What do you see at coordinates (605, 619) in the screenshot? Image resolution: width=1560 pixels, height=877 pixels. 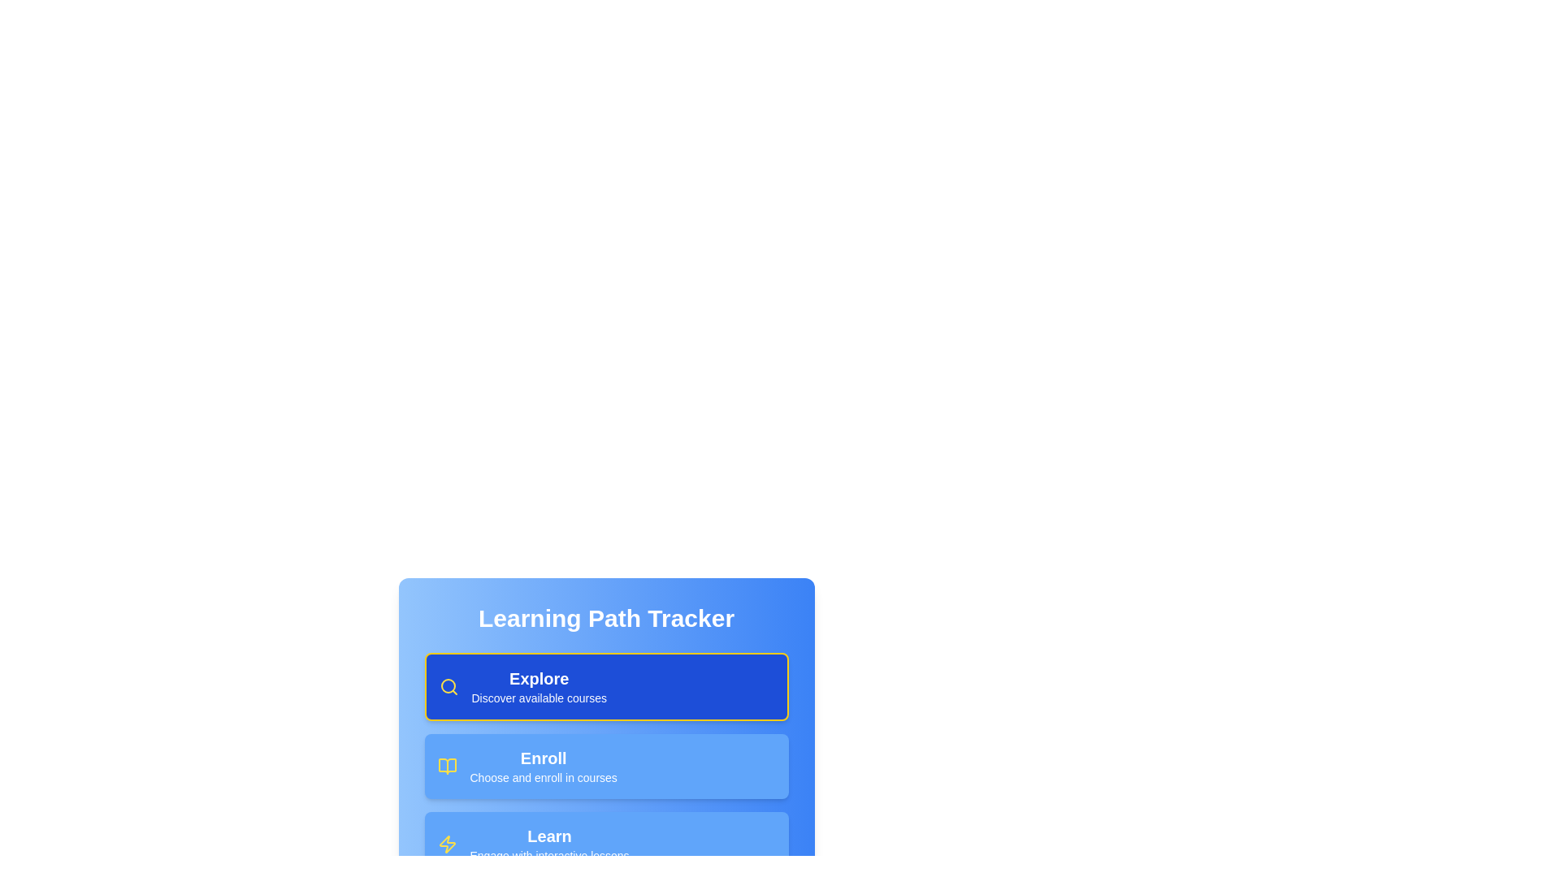 I see `the Title or Heading element located at the top of the panel with a gradient blue background, serving as a descriptor for the content below` at bounding box center [605, 619].